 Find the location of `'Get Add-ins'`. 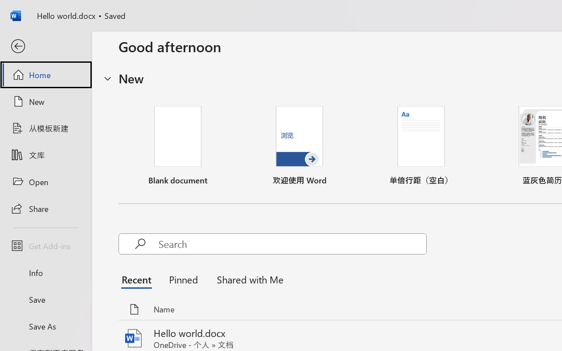

'Get Add-ins' is located at coordinates (45, 246).